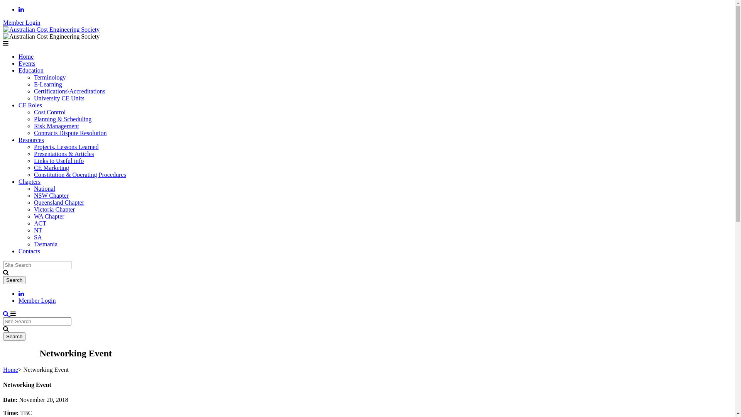 The image size is (741, 417). Describe the element at coordinates (27, 63) in the screenshot. I see `'Events'` at that location.